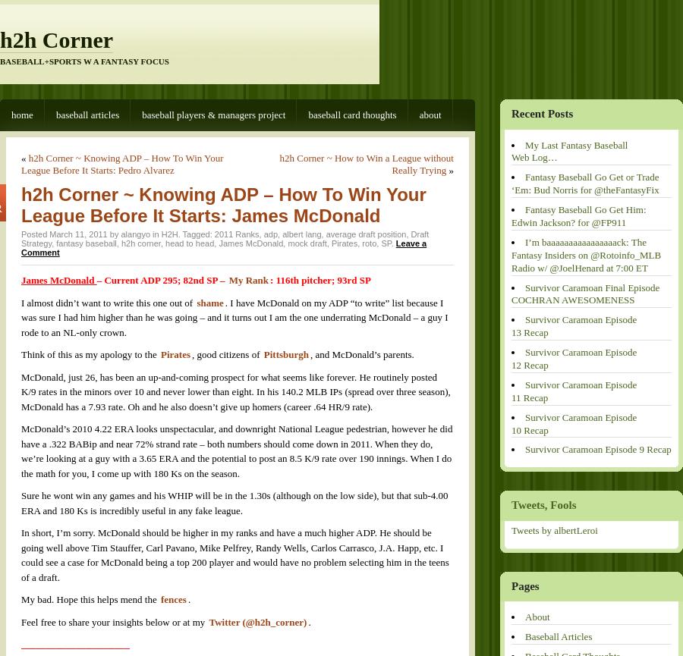 This screenshot has height=656, width=683. What do you see at coordinates (578, 215) in the screenshot?
I see `'Fantasy Baseball Go Get Him: Edwin Jackson? for @FP911'` at bounding box center [578, 215].